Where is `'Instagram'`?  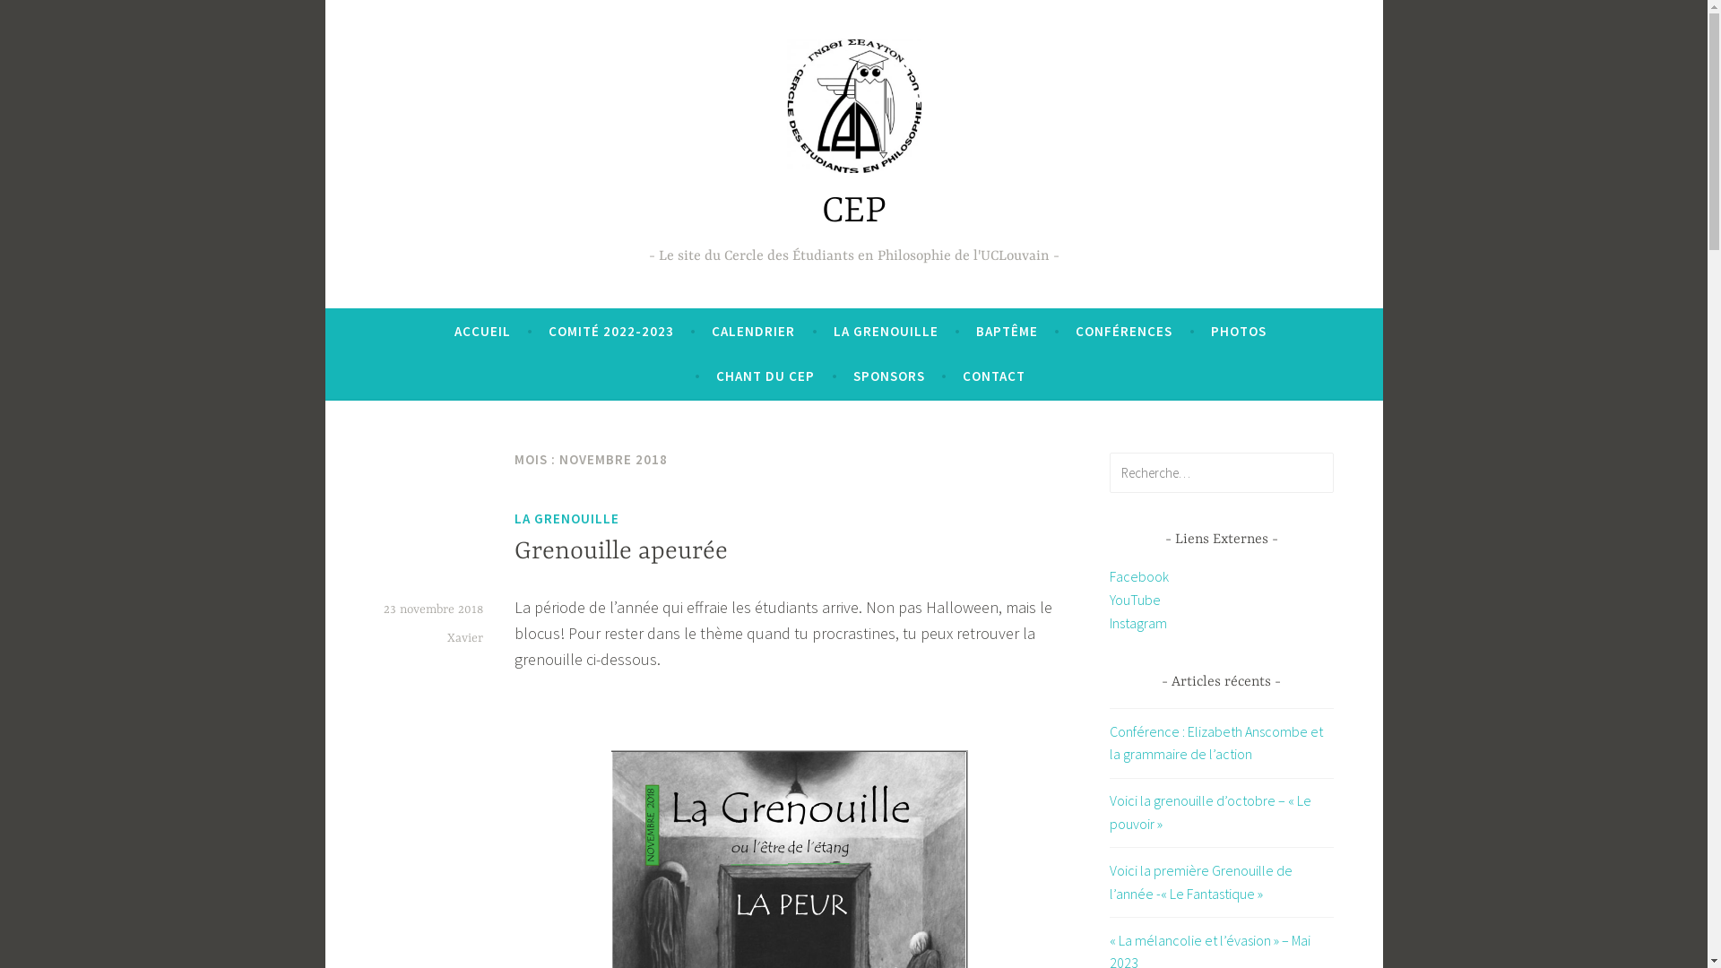 'Instagram' is located at coordinates (1109, 621).